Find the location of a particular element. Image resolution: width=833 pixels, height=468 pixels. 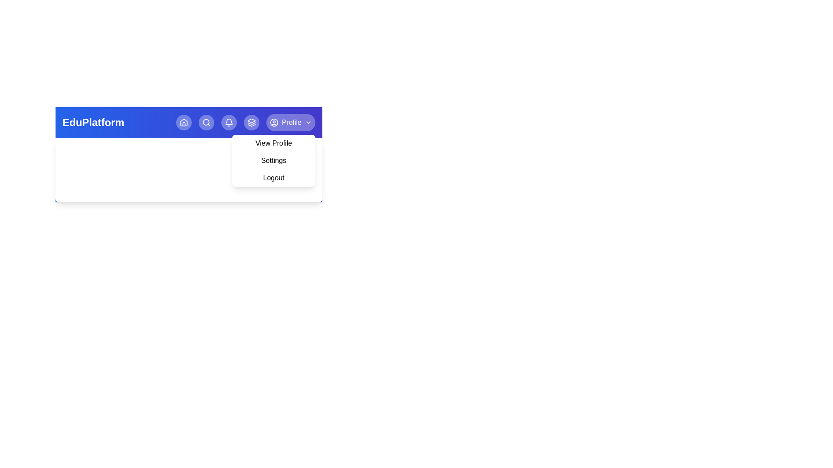

the Bell navigation button in the header is located at coordinates (229, 122).